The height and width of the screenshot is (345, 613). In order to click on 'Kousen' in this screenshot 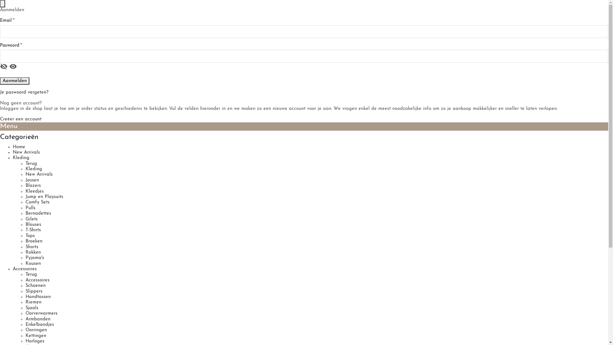, I will do `click(33, 264)`.